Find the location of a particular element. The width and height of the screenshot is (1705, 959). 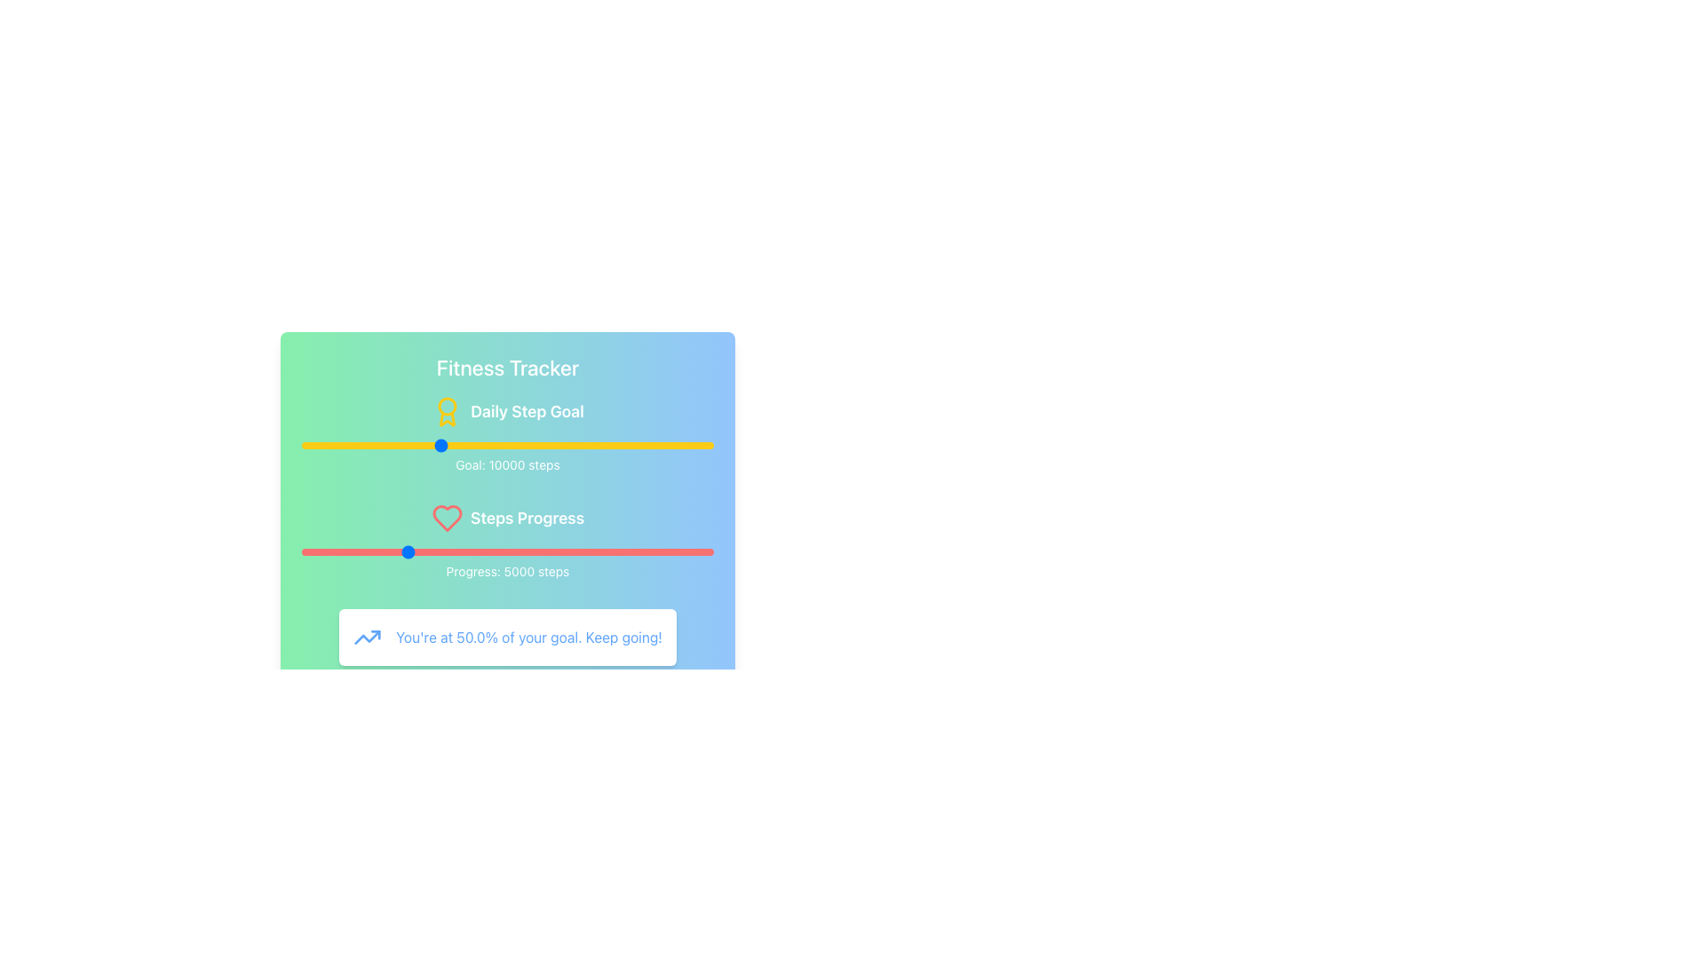

the horizontal red slider below the 'Steps Progress' text to set focus is located at coordinates (506, 551).